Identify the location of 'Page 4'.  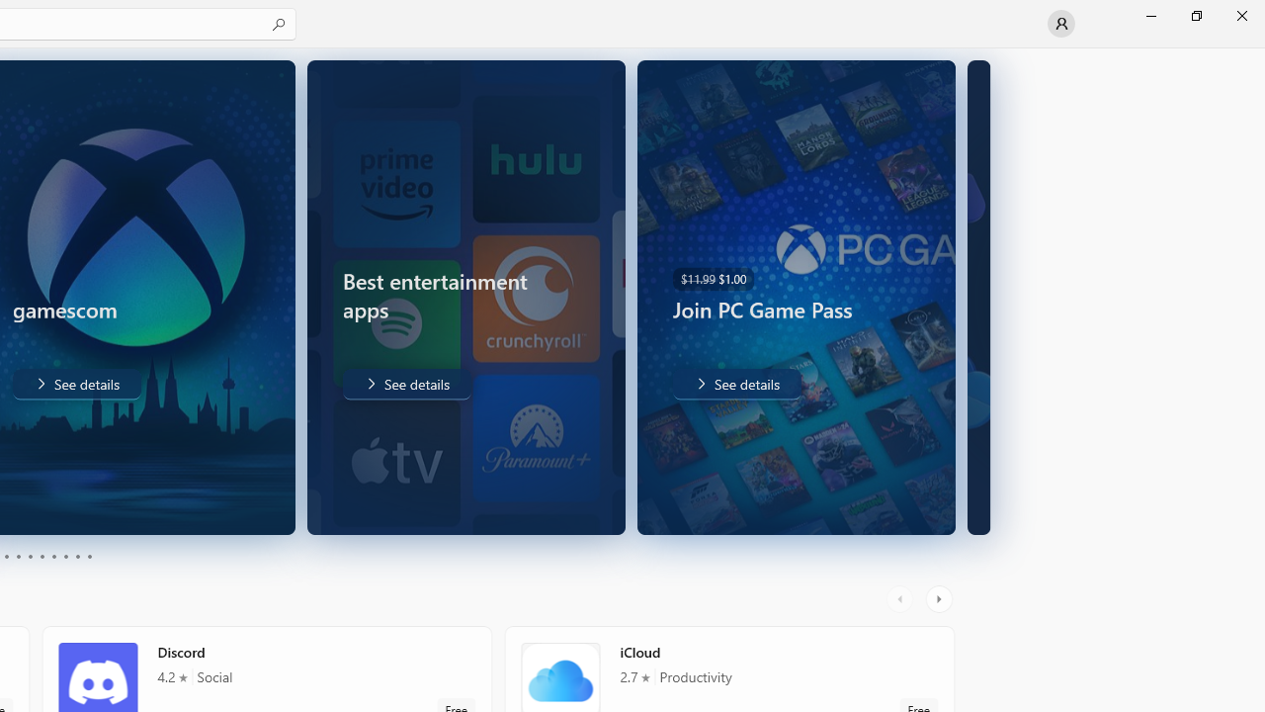
(17, 557).